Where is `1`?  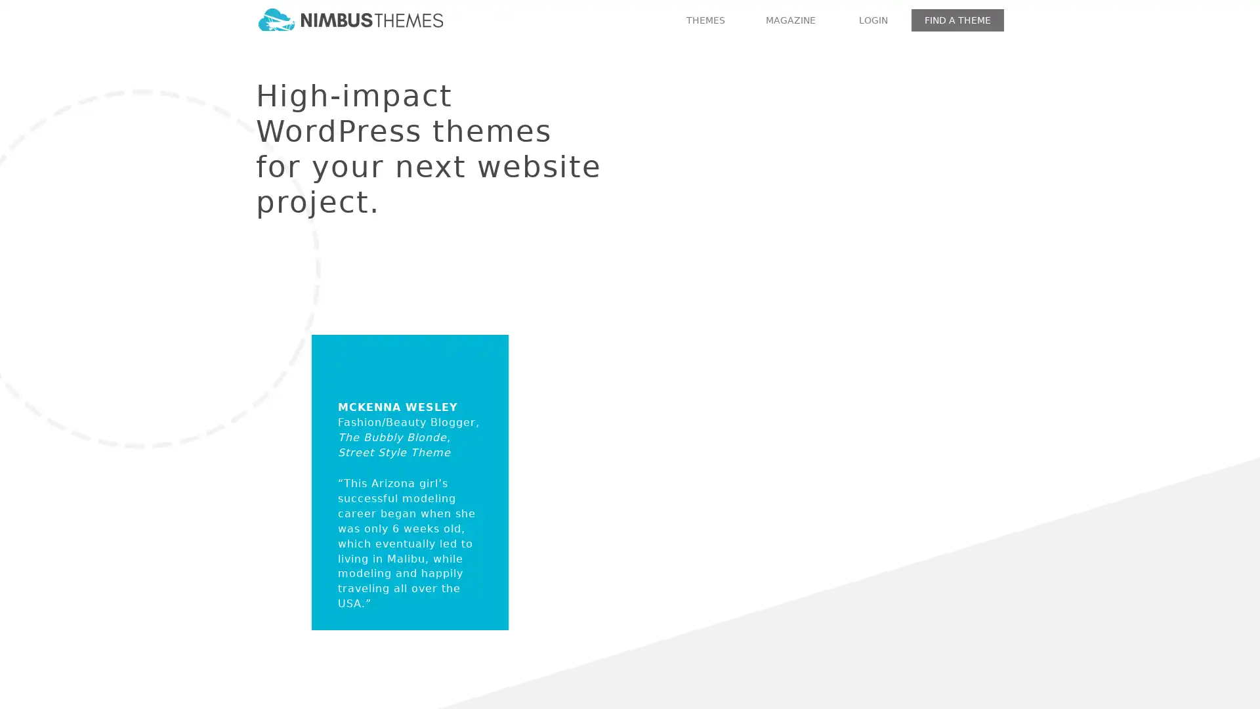 1 is located at coordinates (752, 455).